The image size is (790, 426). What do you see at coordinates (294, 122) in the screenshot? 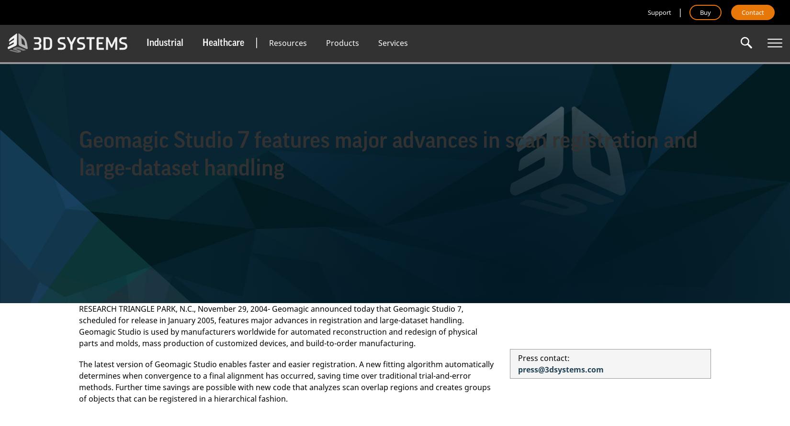
I see `'Customer Story'` at bounding box center [294, 122].